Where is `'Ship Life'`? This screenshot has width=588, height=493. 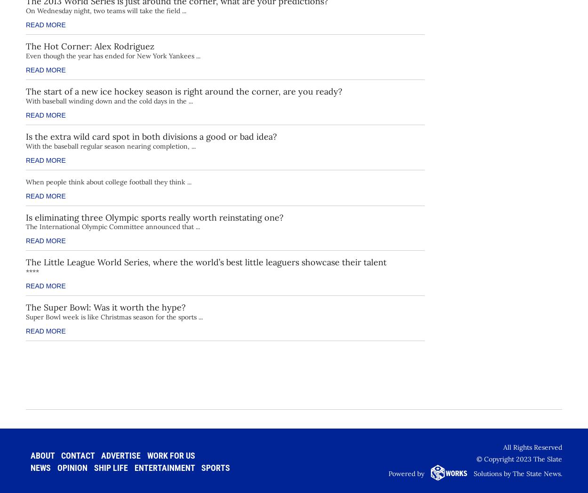
'Ship Life' is located at coordinates (111, 467).